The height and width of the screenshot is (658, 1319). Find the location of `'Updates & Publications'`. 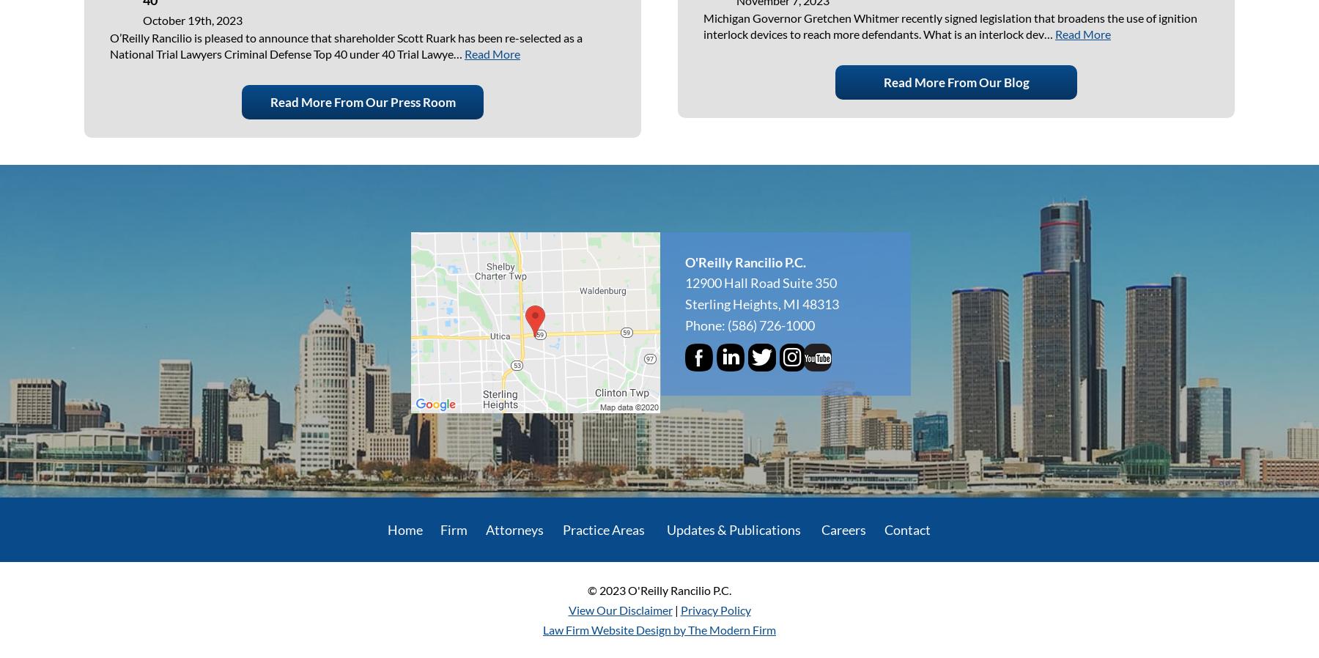

'Updates & Publications' is located at coordinates (733, 528).